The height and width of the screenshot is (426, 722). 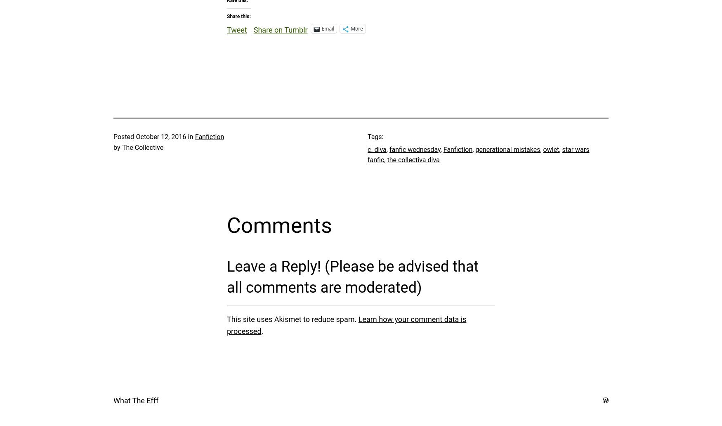 I want to click on 'Learn how your comment data is processed', so click(x=347, y=325).